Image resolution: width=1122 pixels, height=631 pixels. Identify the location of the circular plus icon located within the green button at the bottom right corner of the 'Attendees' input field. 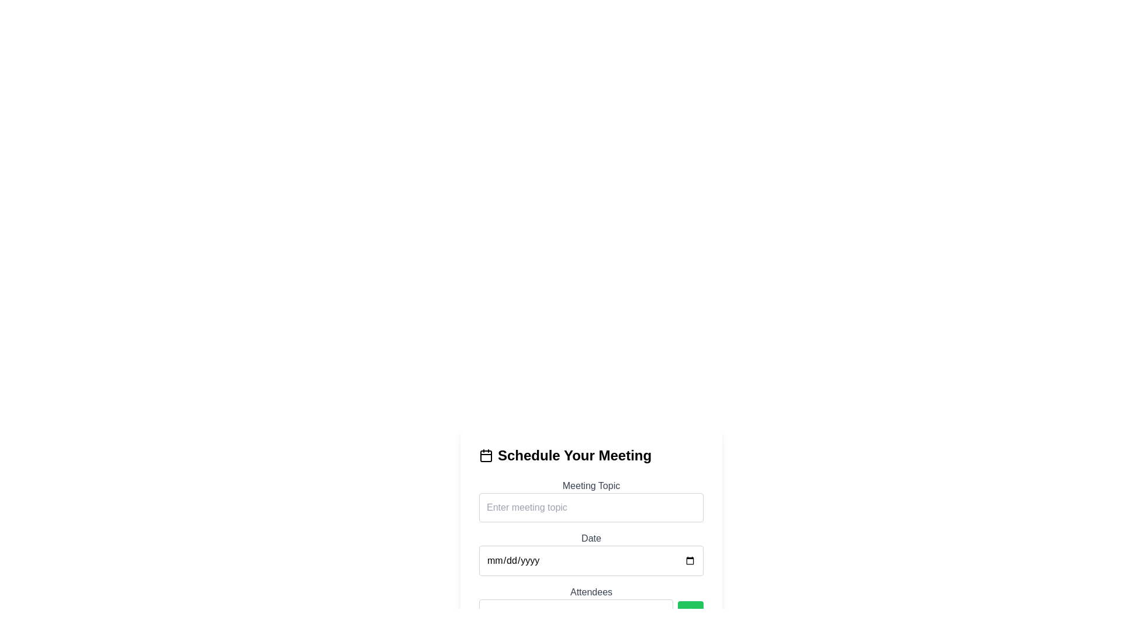
(690, 613).